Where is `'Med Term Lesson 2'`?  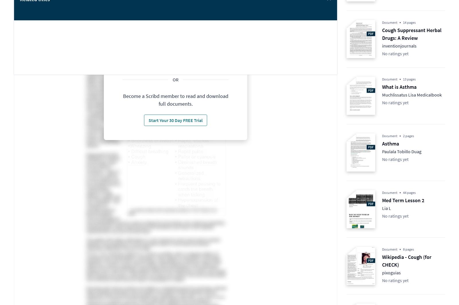 'Med Term Lesson 2' is located at coordinates (403, 200).